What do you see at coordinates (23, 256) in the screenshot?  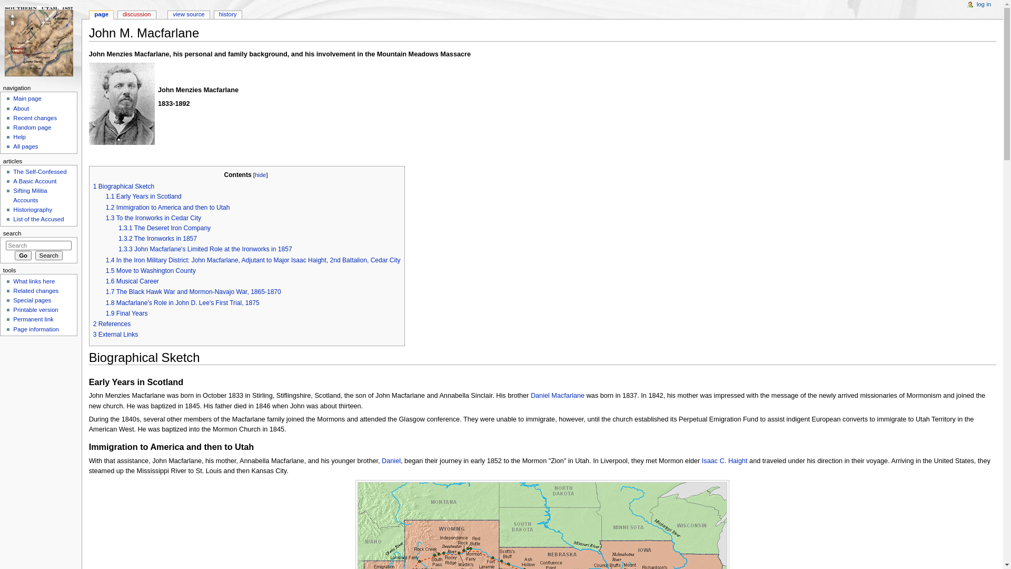 I see `'Go to a page with this exact name if it exists'` at bounding box center [23, 256].